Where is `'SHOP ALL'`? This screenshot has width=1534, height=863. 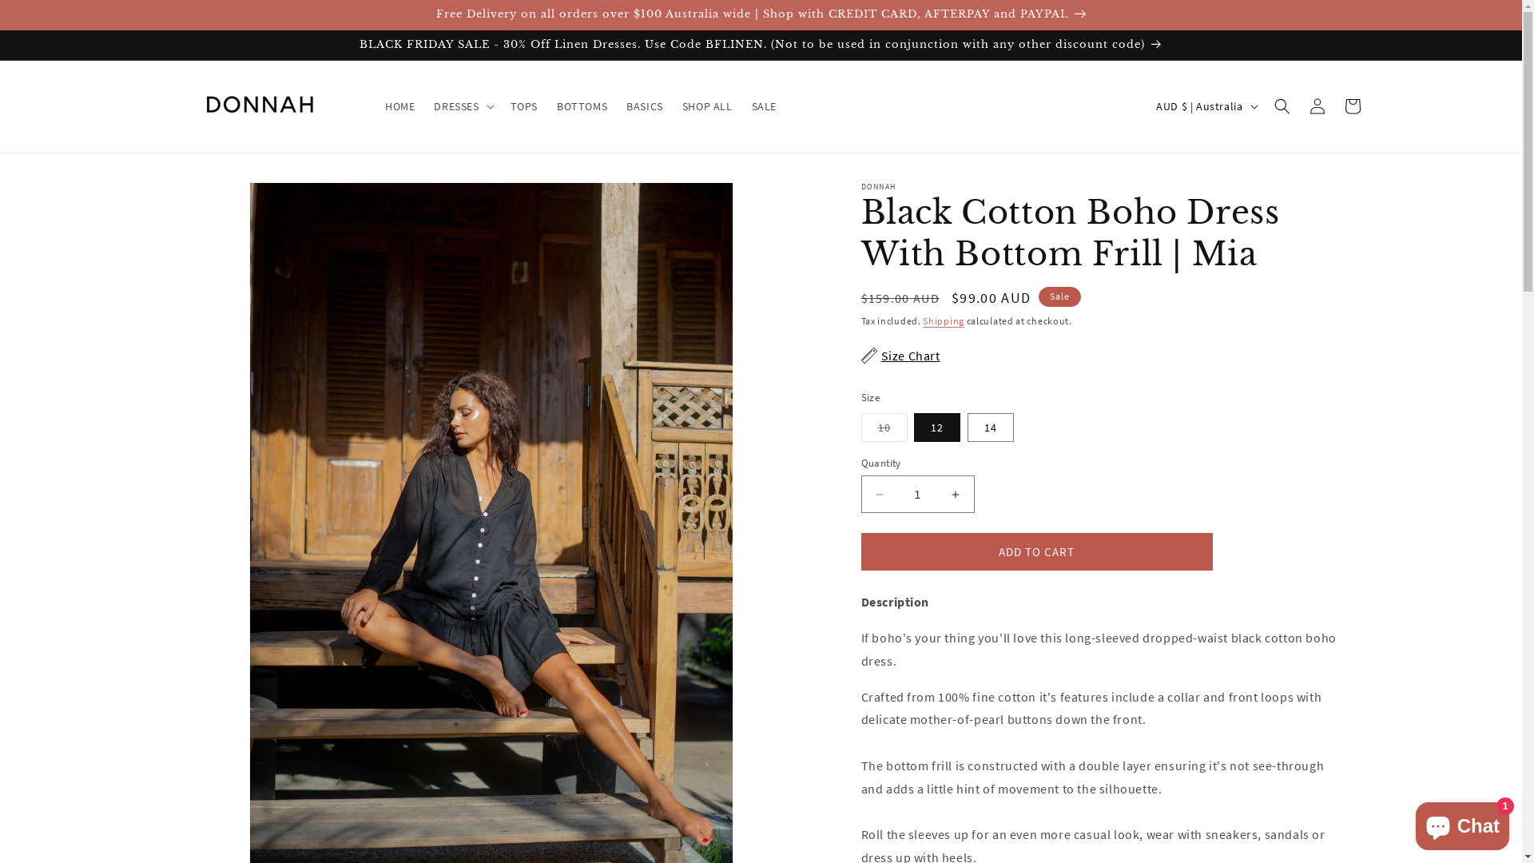
'SHOP ALL' is located at coordinates (706, 105).